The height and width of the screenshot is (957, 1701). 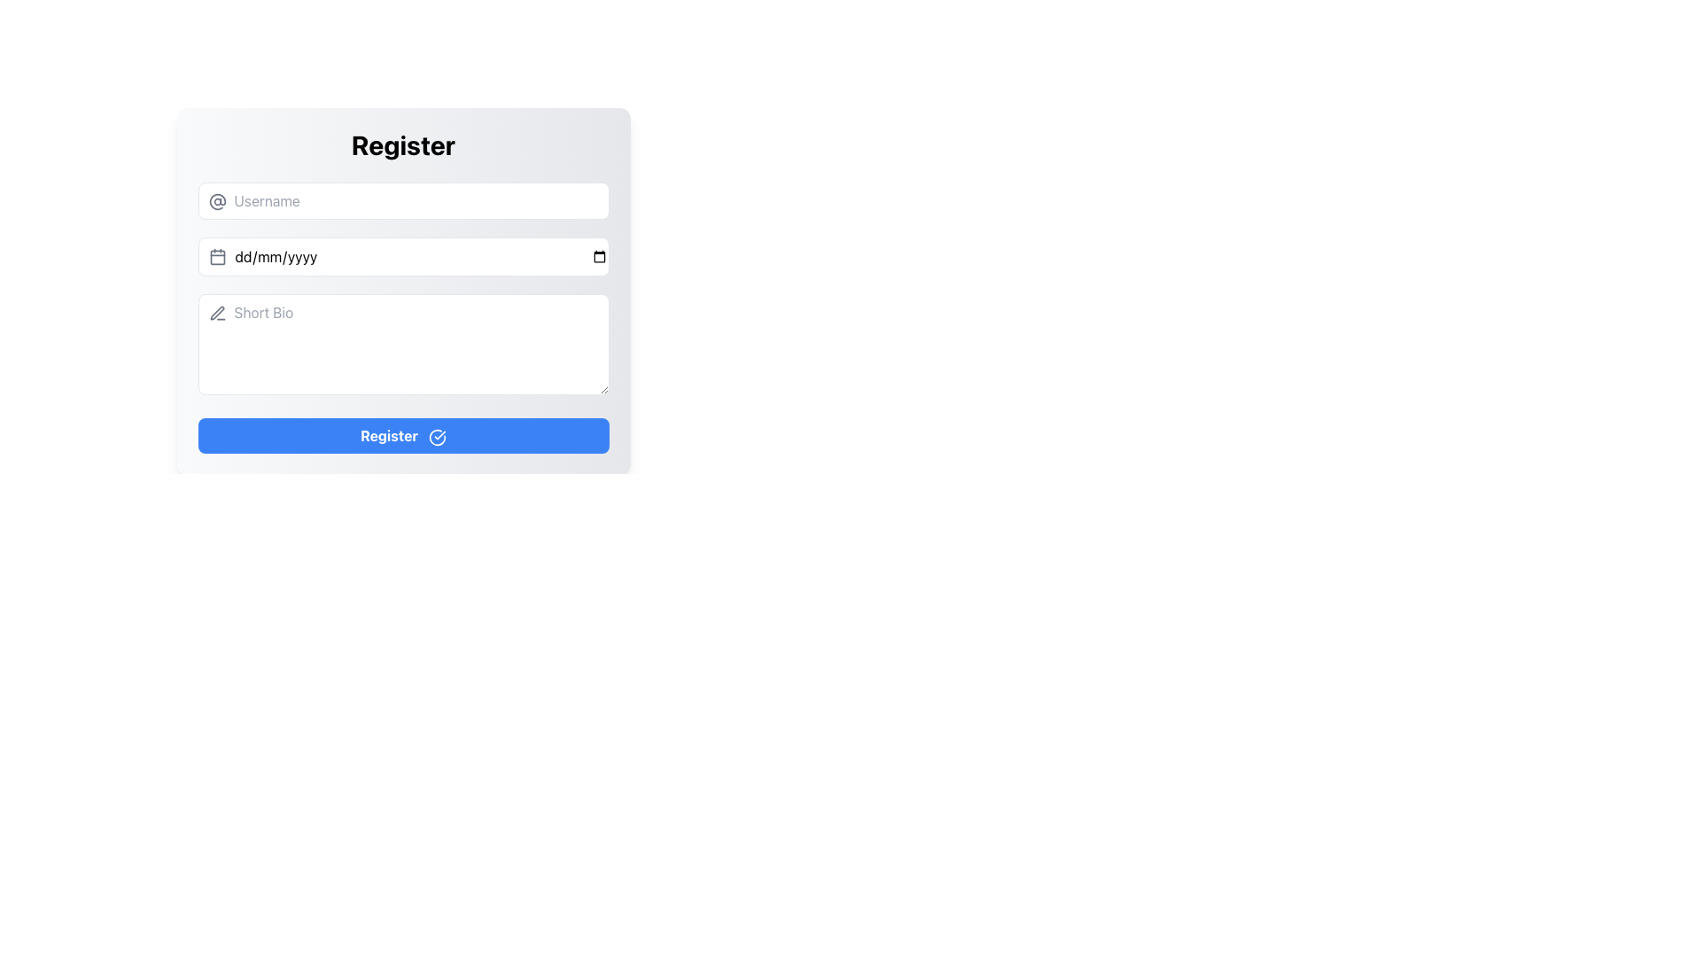 I want to click on to select text in the multiline text input field located below the 'dd/mm/yyyy' text box and above the 'Register' button, so click(x=402, y=347).